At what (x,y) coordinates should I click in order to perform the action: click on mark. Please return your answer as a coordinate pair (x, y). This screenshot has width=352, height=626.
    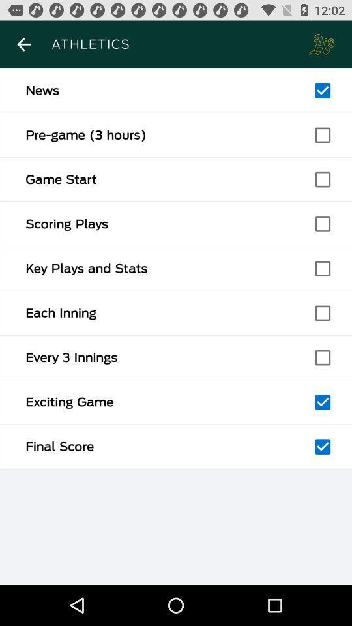
    Looking at the image, I should click on (322, 357).